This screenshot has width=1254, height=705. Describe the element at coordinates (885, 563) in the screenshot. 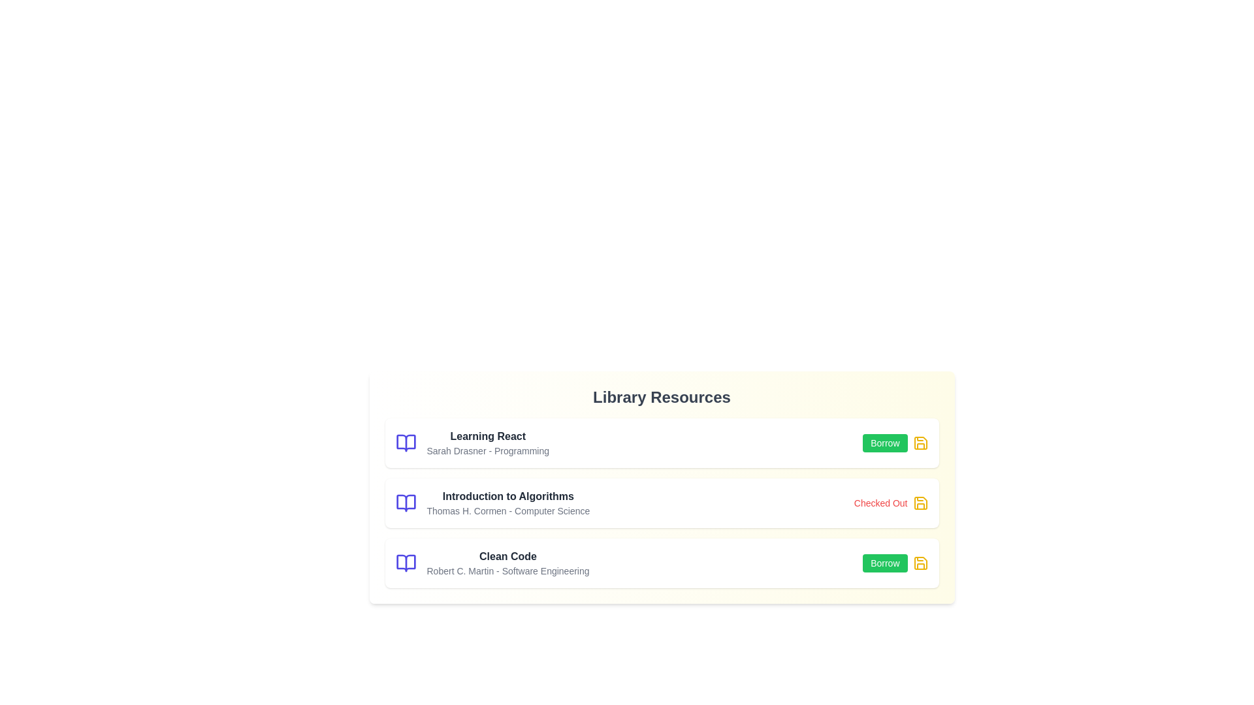

I see `'Borrow' button for the resource titled 'Clean Code'` at that location.